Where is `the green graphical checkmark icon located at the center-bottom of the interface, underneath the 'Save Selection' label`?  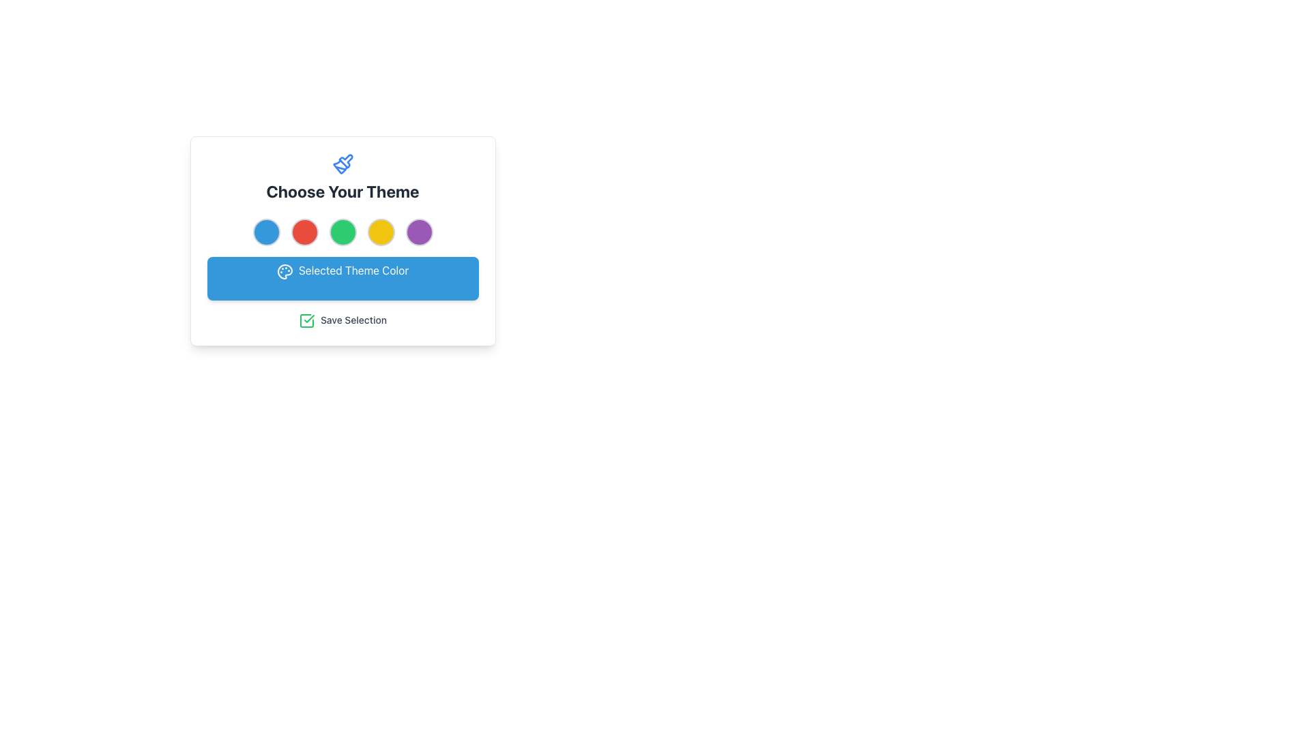 the green graphical checkmark icon located at the center-bottom of the interface, underneath the 'Save Selection' label is located at coordinates (308, 318).